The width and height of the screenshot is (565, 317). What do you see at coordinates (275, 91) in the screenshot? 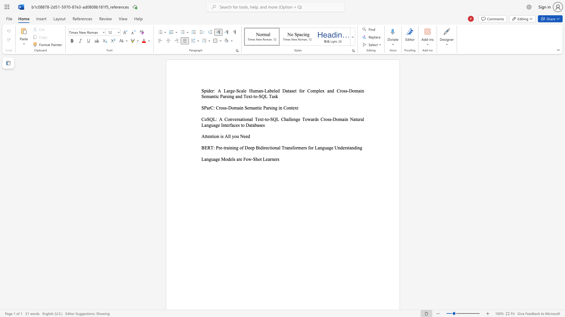
I see `the subset text "ed Dataset for Complex and Cross-Do" within the text "Spider: A Large-Scale Human-Labeled Dataset for Complex and Cross-Domain Semantic Parsing and Text-to-SQL Task"` at bounding box center [275, 91].